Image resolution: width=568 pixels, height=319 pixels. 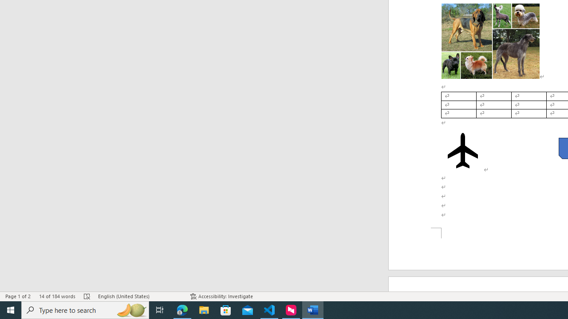 What do you see at coordinates (490, 41) in the screenshot?
I see `'Morphological variation in six dogs'` at bounding box center [490, 41].